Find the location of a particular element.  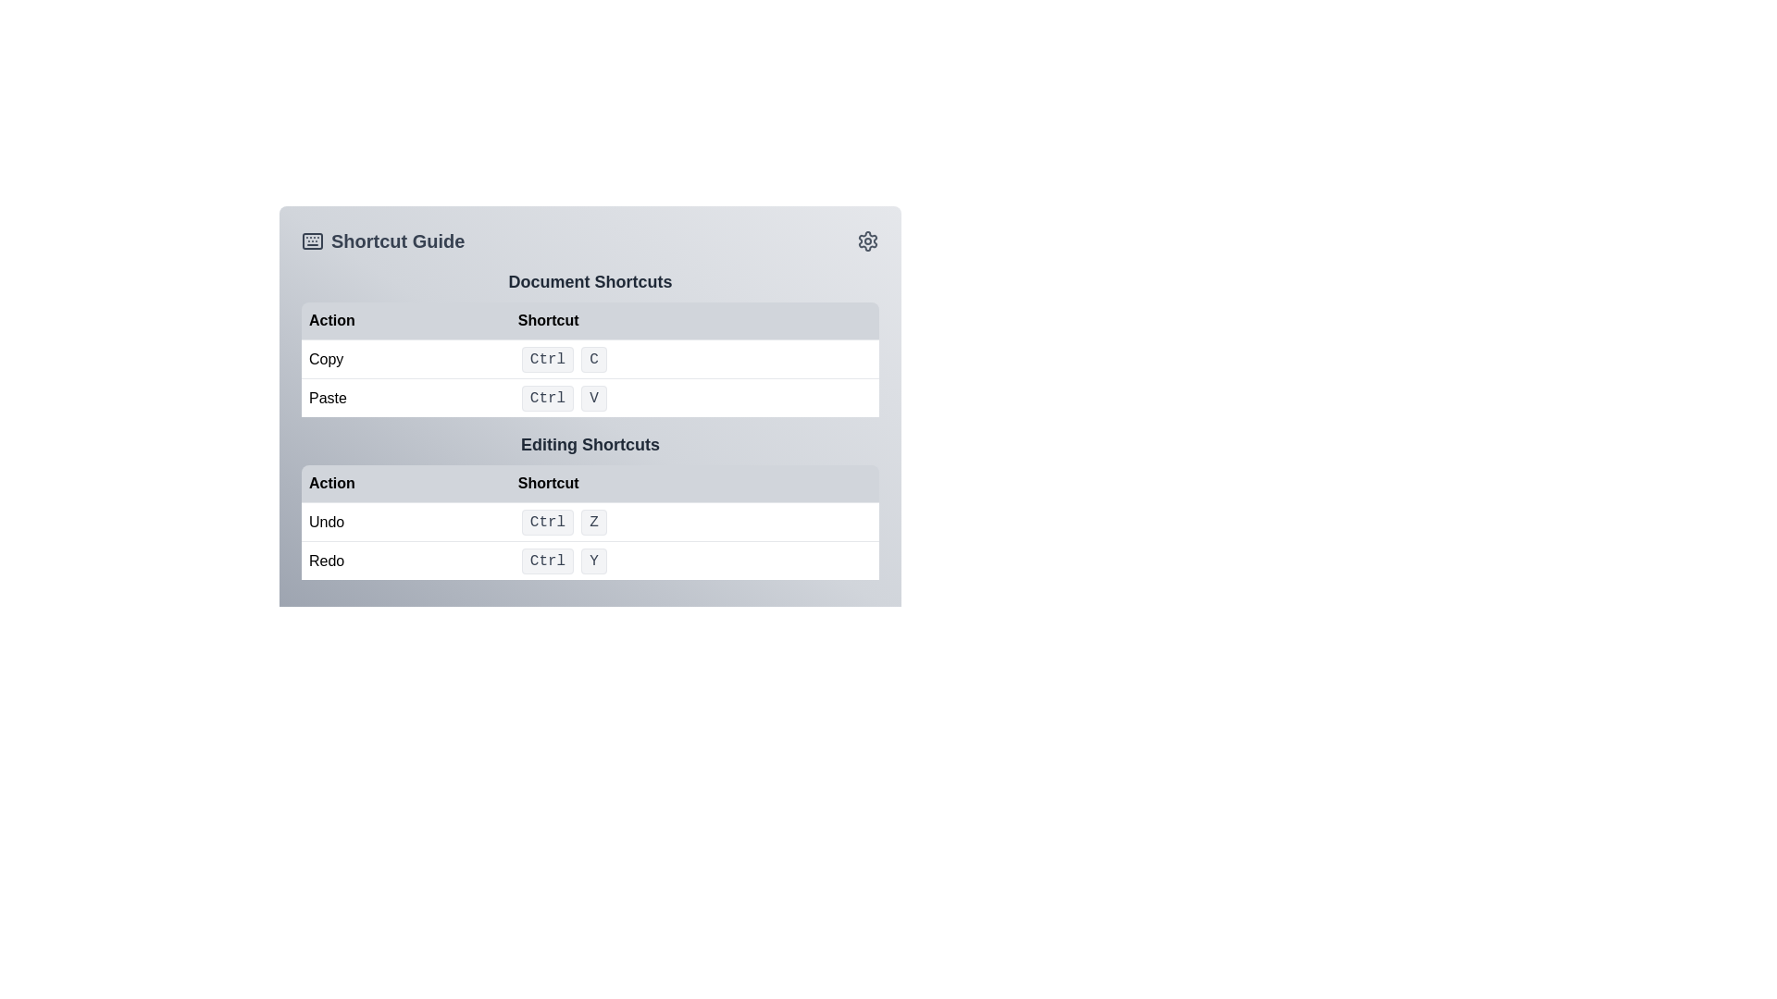

the gear-shaped settings icon located in the top-right corner of the shortcut guide interface is located at coordinates (866, 240).